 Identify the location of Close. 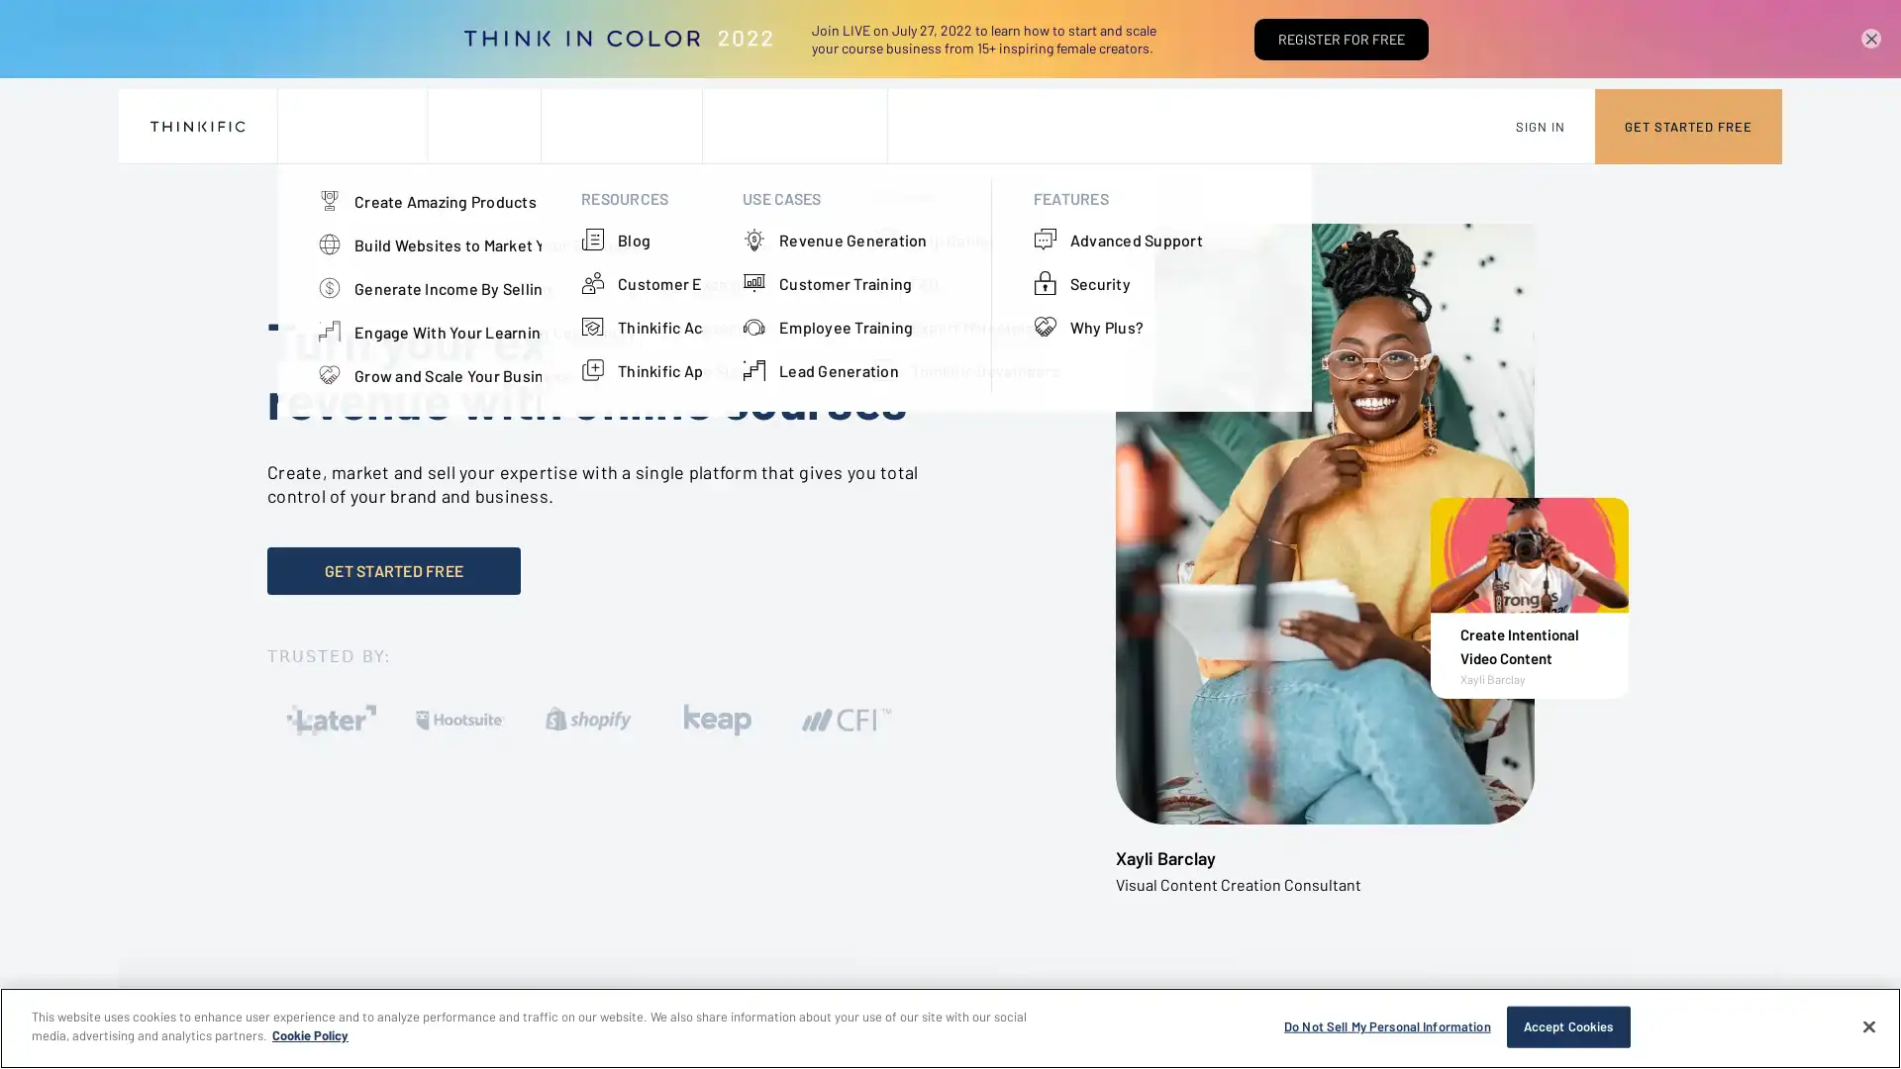
(1867, 1025).